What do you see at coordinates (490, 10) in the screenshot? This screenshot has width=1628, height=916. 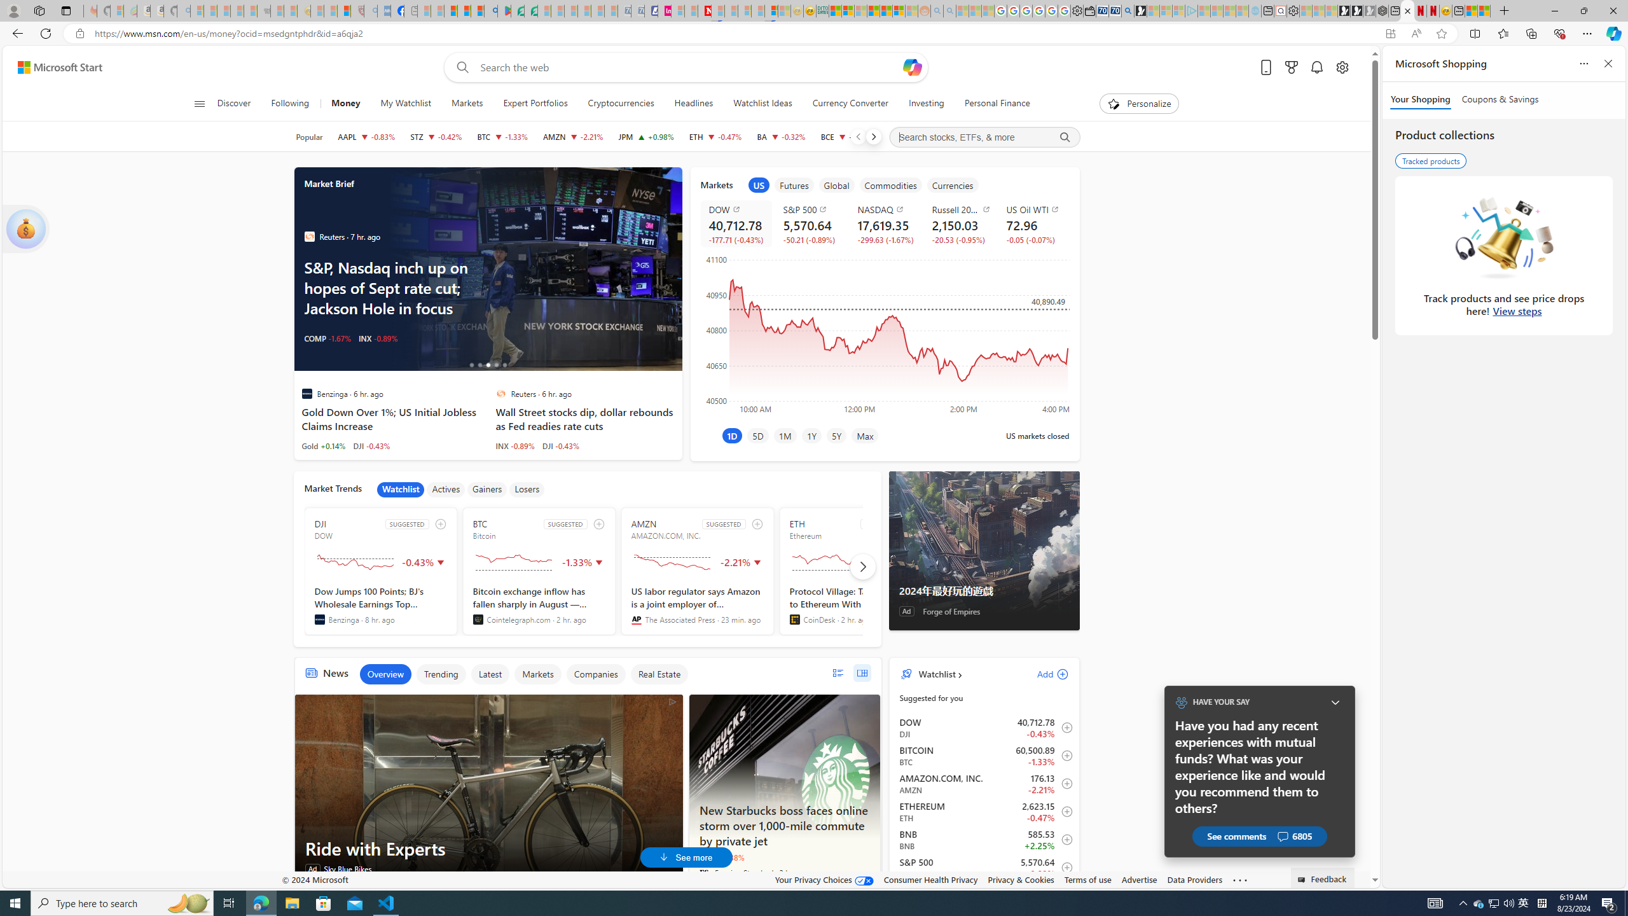 I see `'google - Search'` at bounding box center [490, 10].